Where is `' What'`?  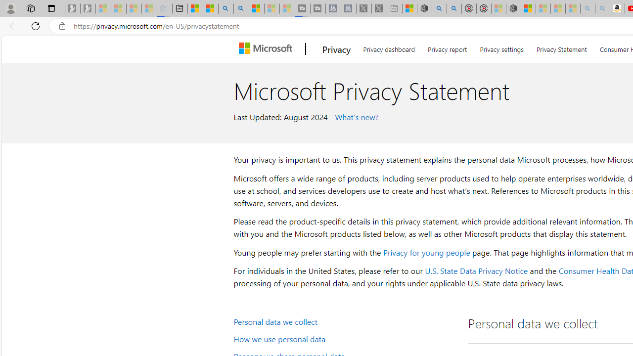 ' What' is located at coordinates (355, 116).